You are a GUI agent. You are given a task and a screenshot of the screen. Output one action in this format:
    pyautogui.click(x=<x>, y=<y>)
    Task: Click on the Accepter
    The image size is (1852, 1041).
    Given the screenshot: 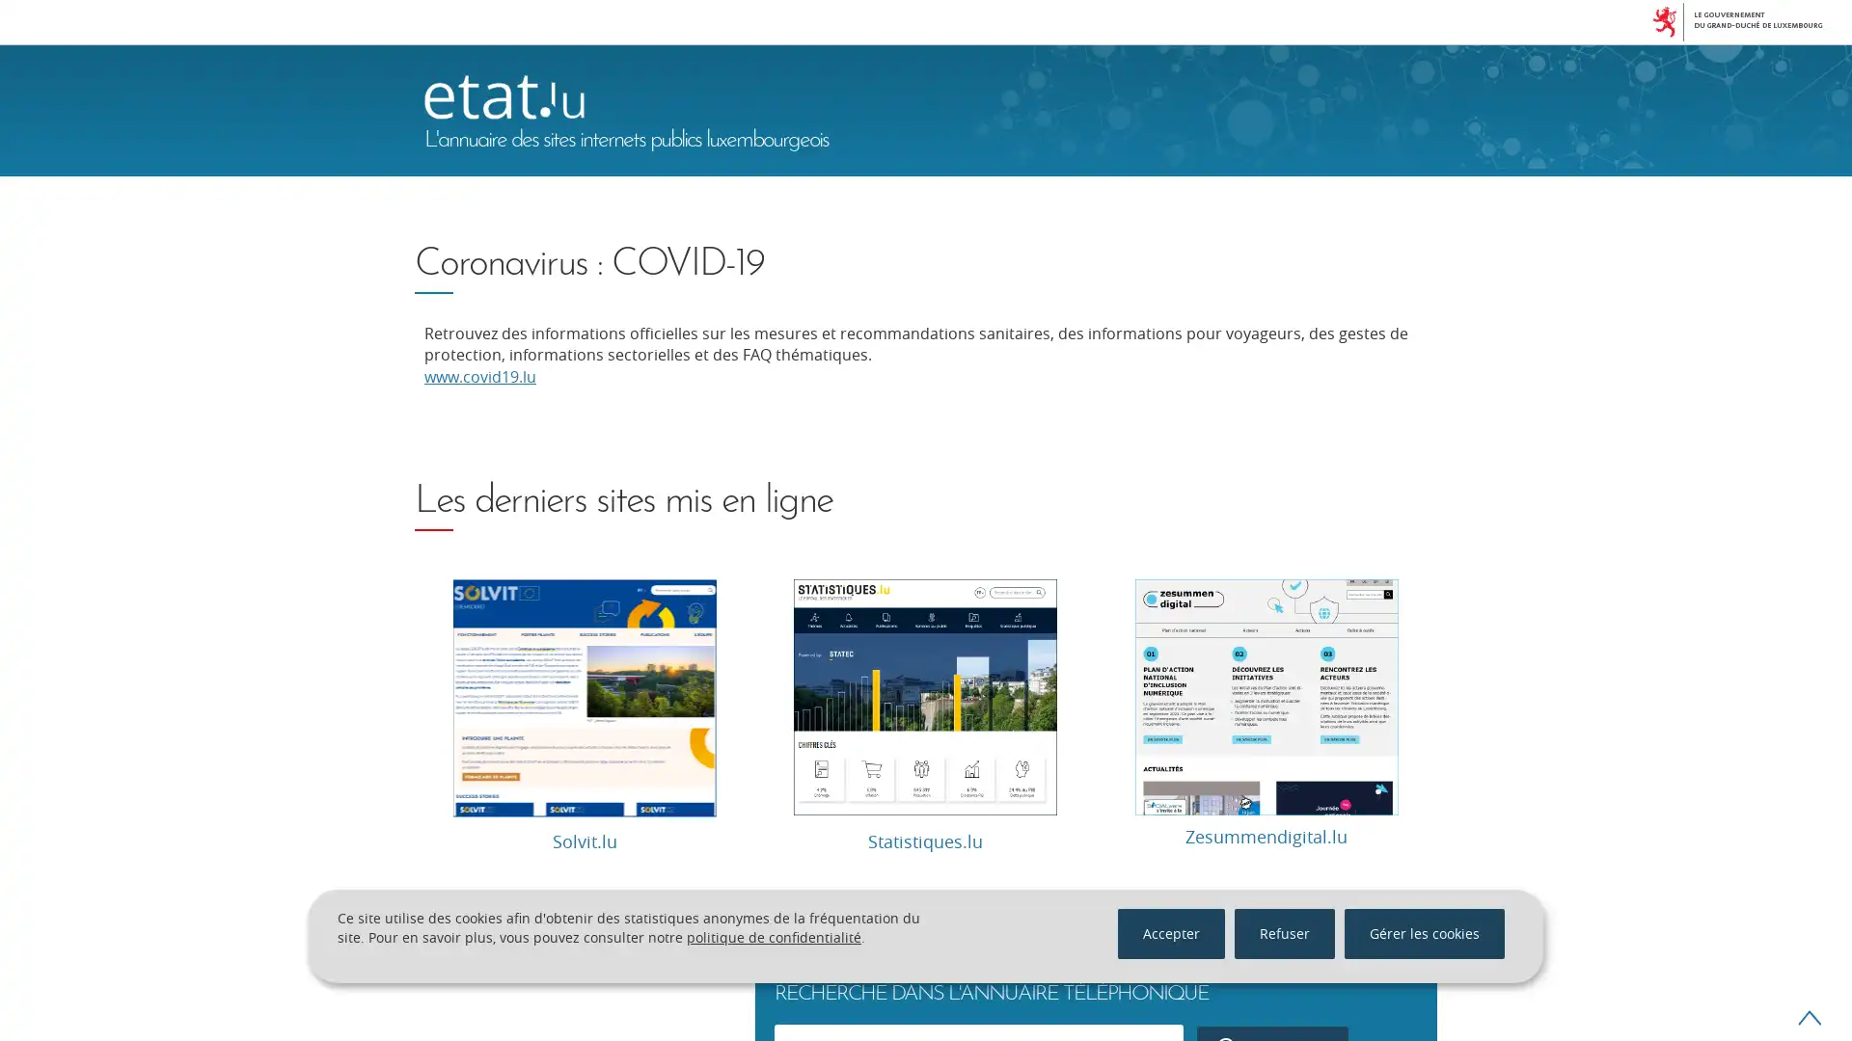 What is the action you would take?
    pyautogui.click(x=1170, y=932)
    